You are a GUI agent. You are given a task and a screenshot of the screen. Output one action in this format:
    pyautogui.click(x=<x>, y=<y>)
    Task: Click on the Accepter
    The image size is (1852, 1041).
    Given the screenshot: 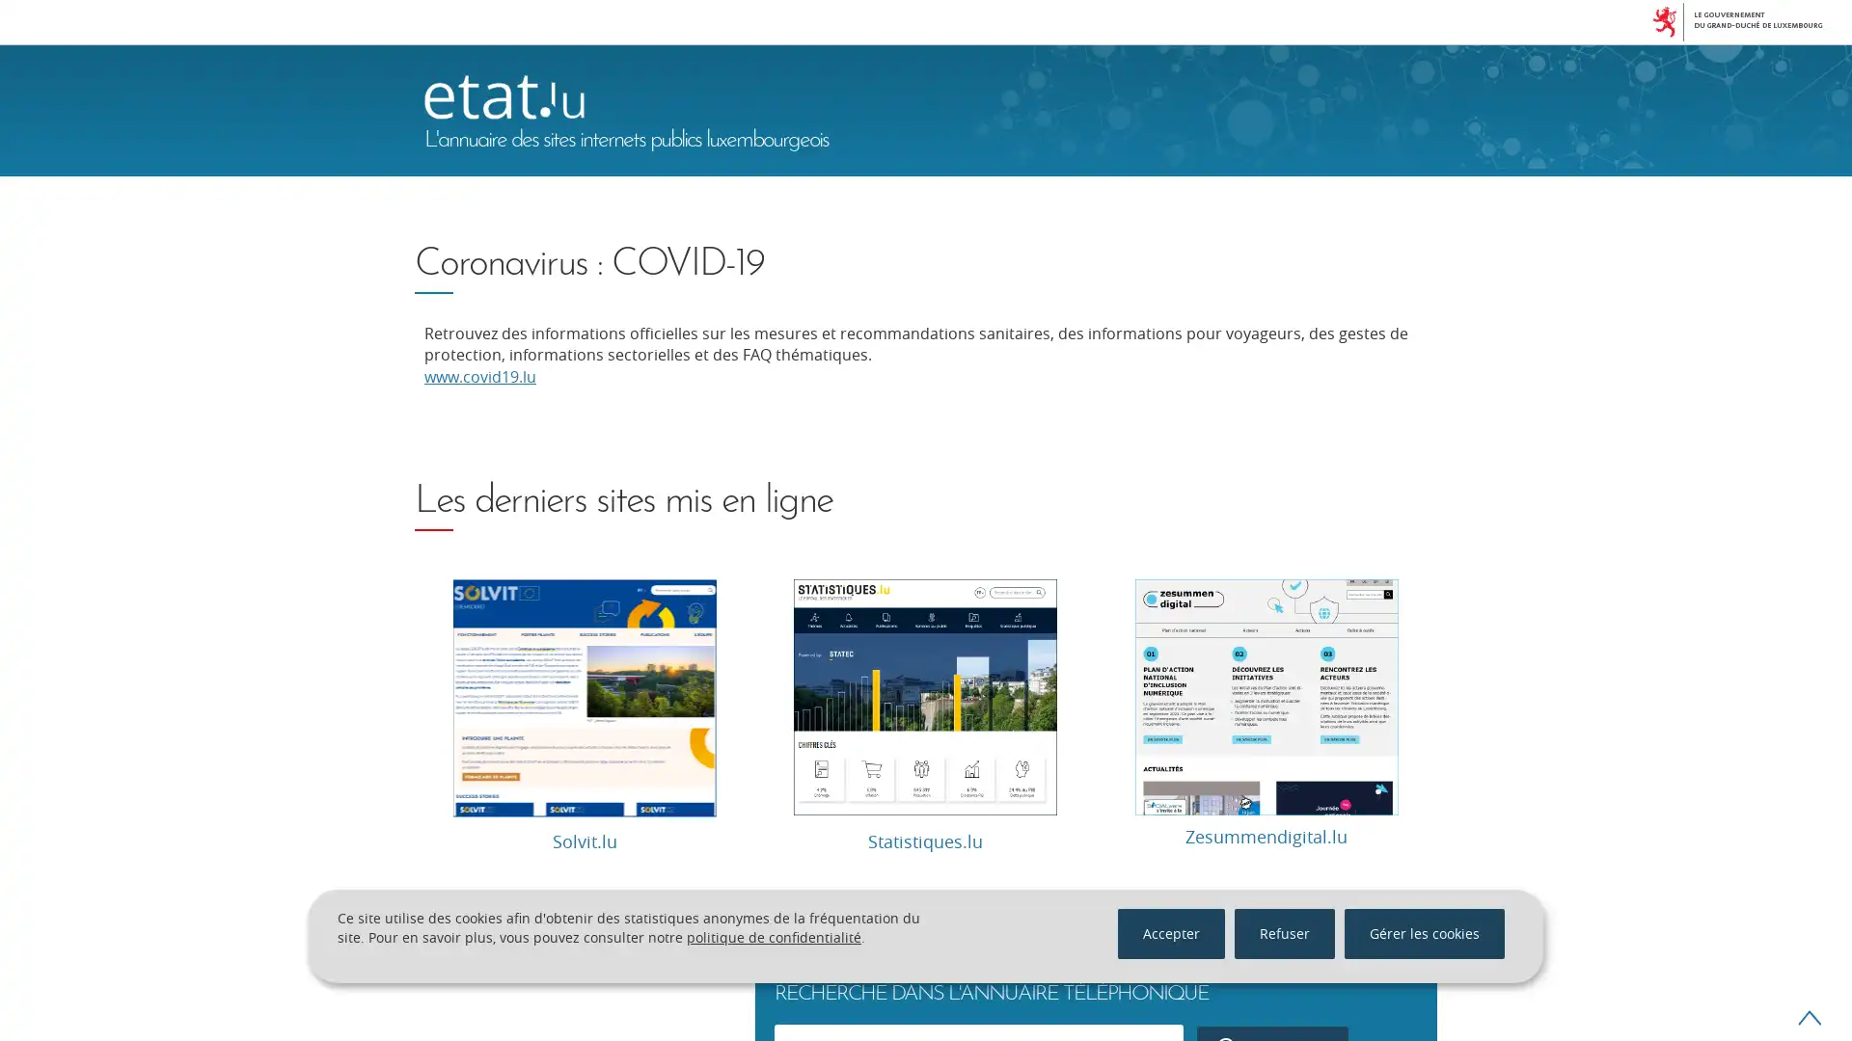 What is the action you would take?
    pyautogui.click(x=1170, y=932)
    